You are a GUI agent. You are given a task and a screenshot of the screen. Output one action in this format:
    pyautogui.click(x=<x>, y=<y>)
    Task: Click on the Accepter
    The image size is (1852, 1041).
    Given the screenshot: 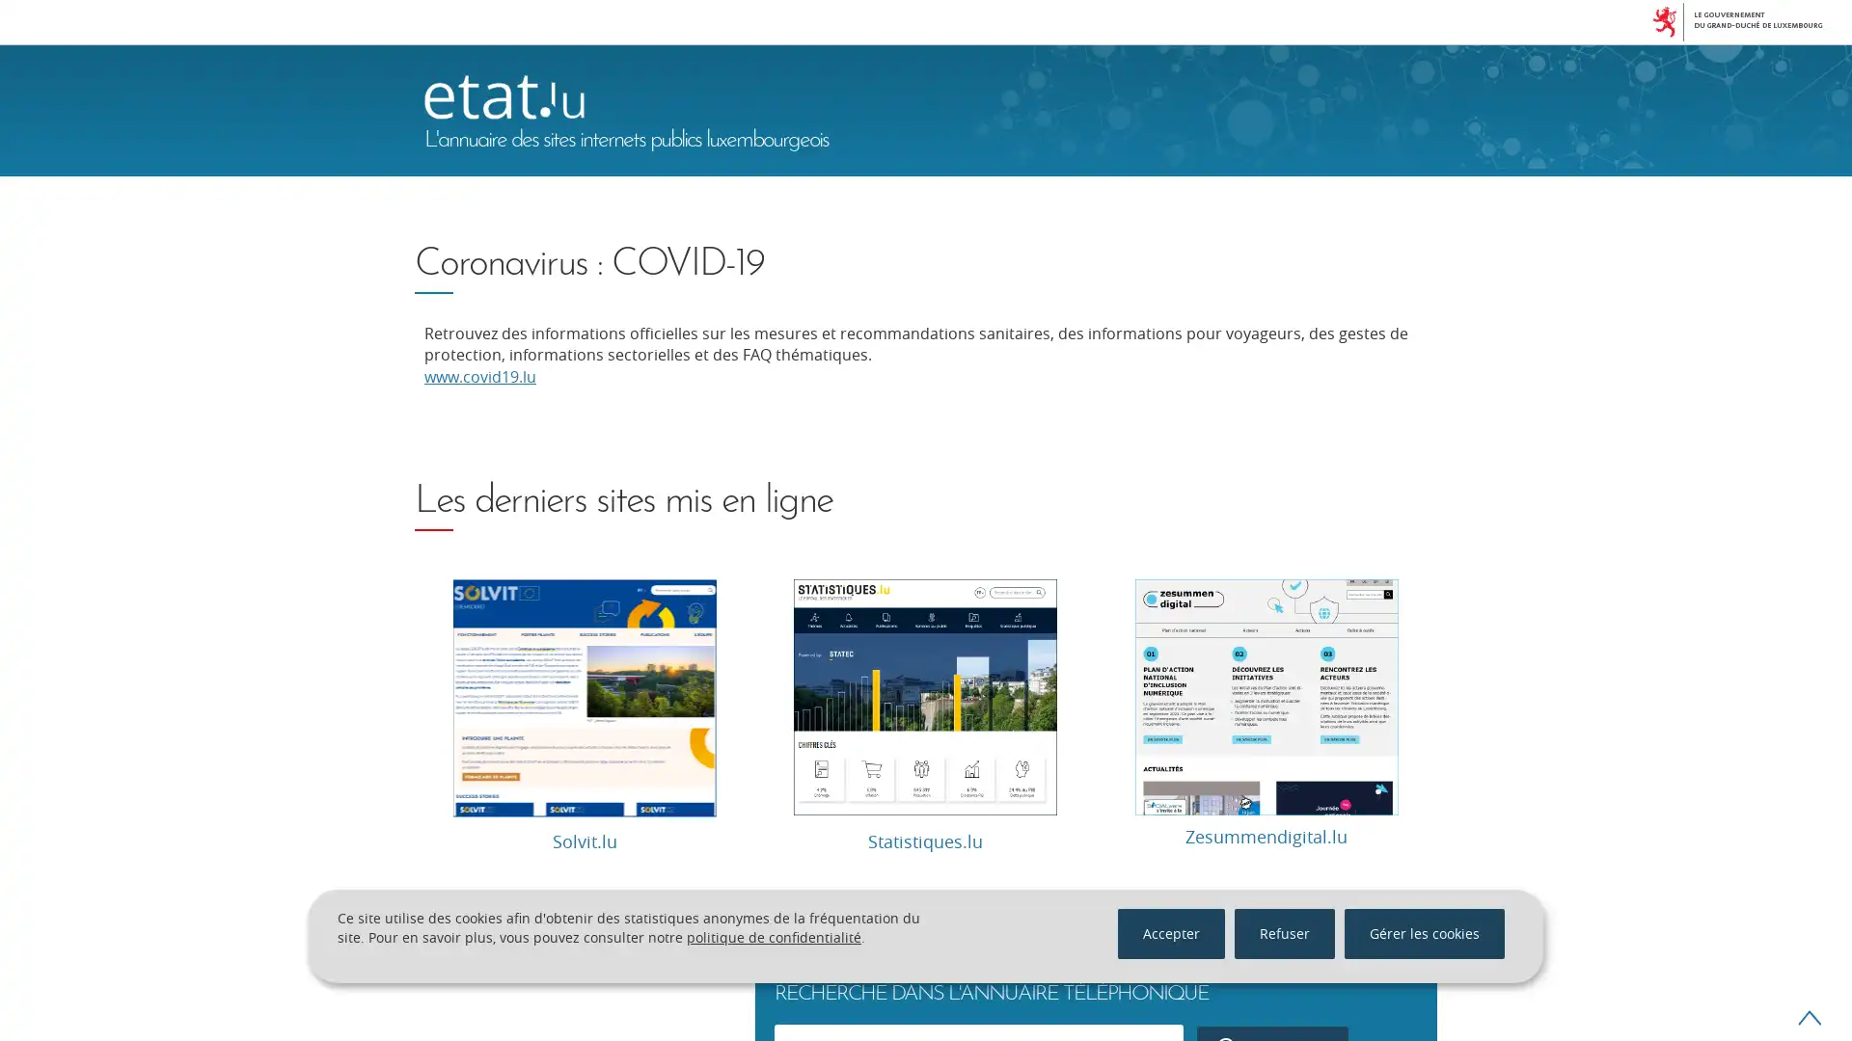 What is the action you would take?
    pyautogui.click(x=1170, y=932)
    